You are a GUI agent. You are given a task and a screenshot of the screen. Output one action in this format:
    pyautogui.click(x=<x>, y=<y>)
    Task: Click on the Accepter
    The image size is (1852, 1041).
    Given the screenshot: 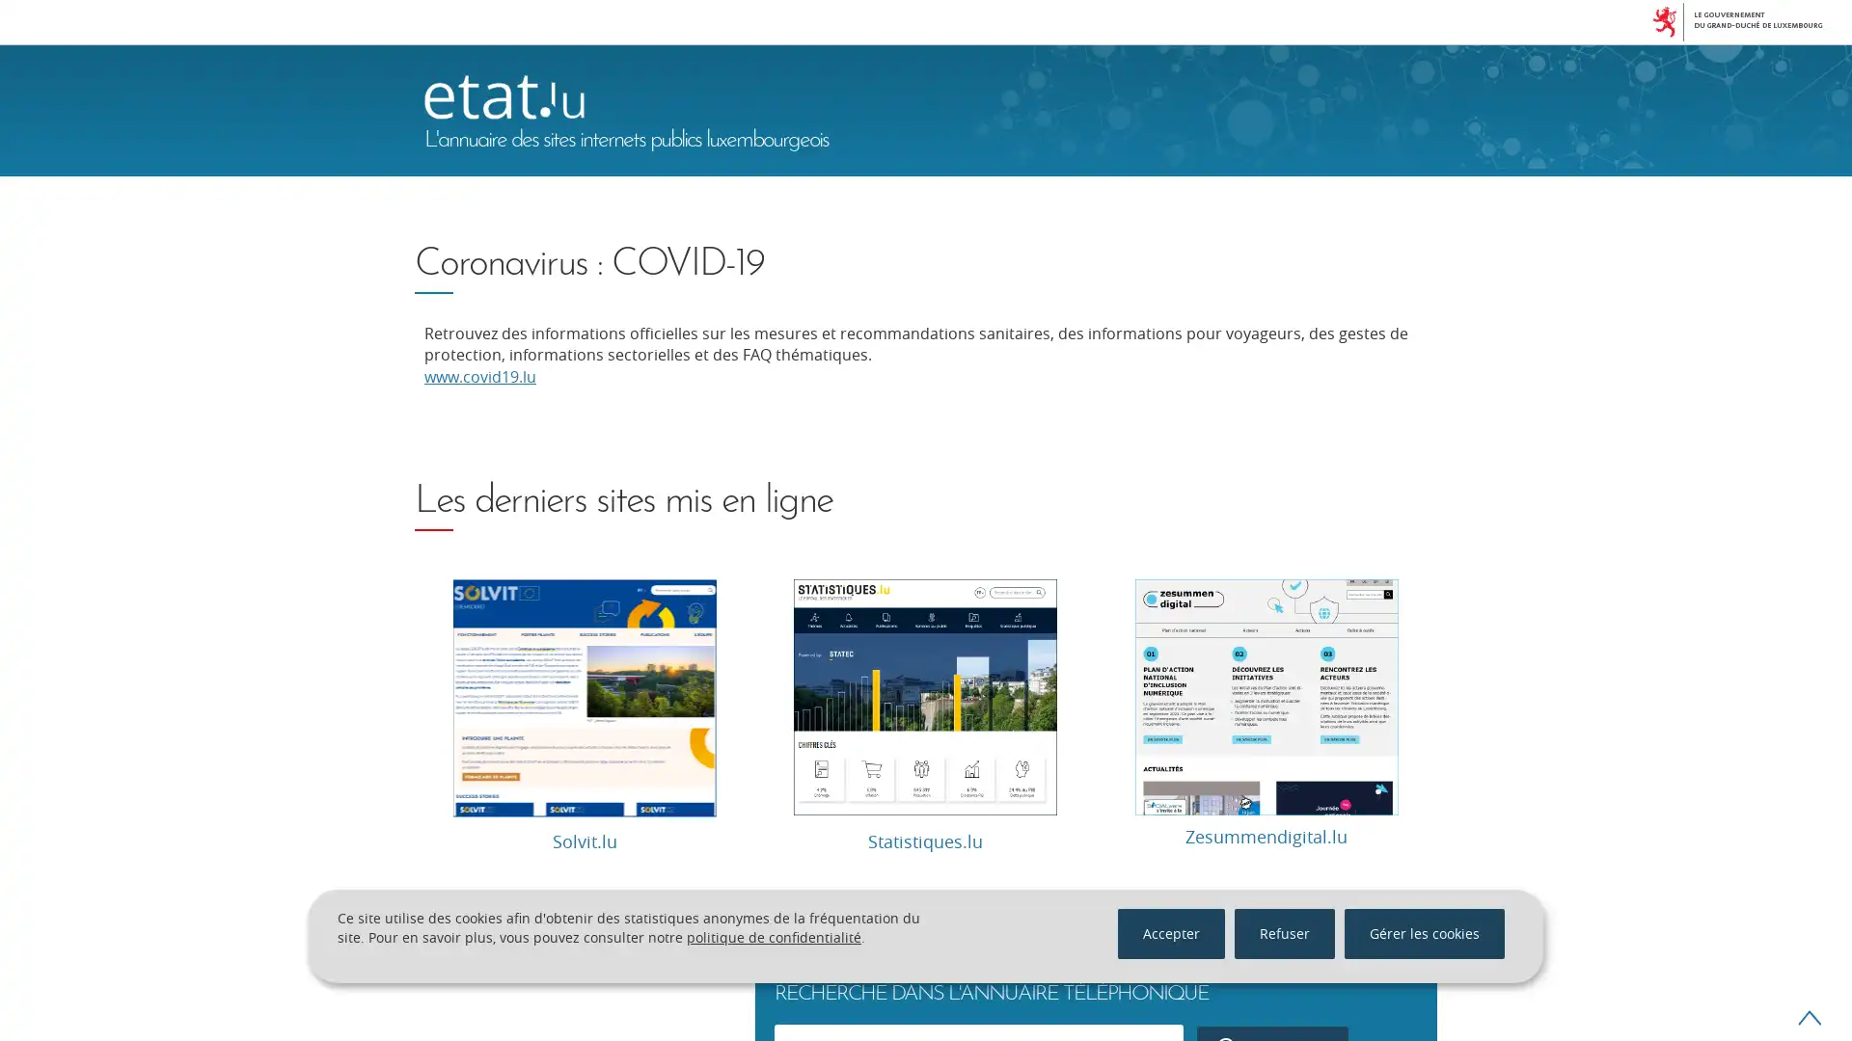 What is the action you would take?
    pyautogui.click(x=1170, y=932)
    